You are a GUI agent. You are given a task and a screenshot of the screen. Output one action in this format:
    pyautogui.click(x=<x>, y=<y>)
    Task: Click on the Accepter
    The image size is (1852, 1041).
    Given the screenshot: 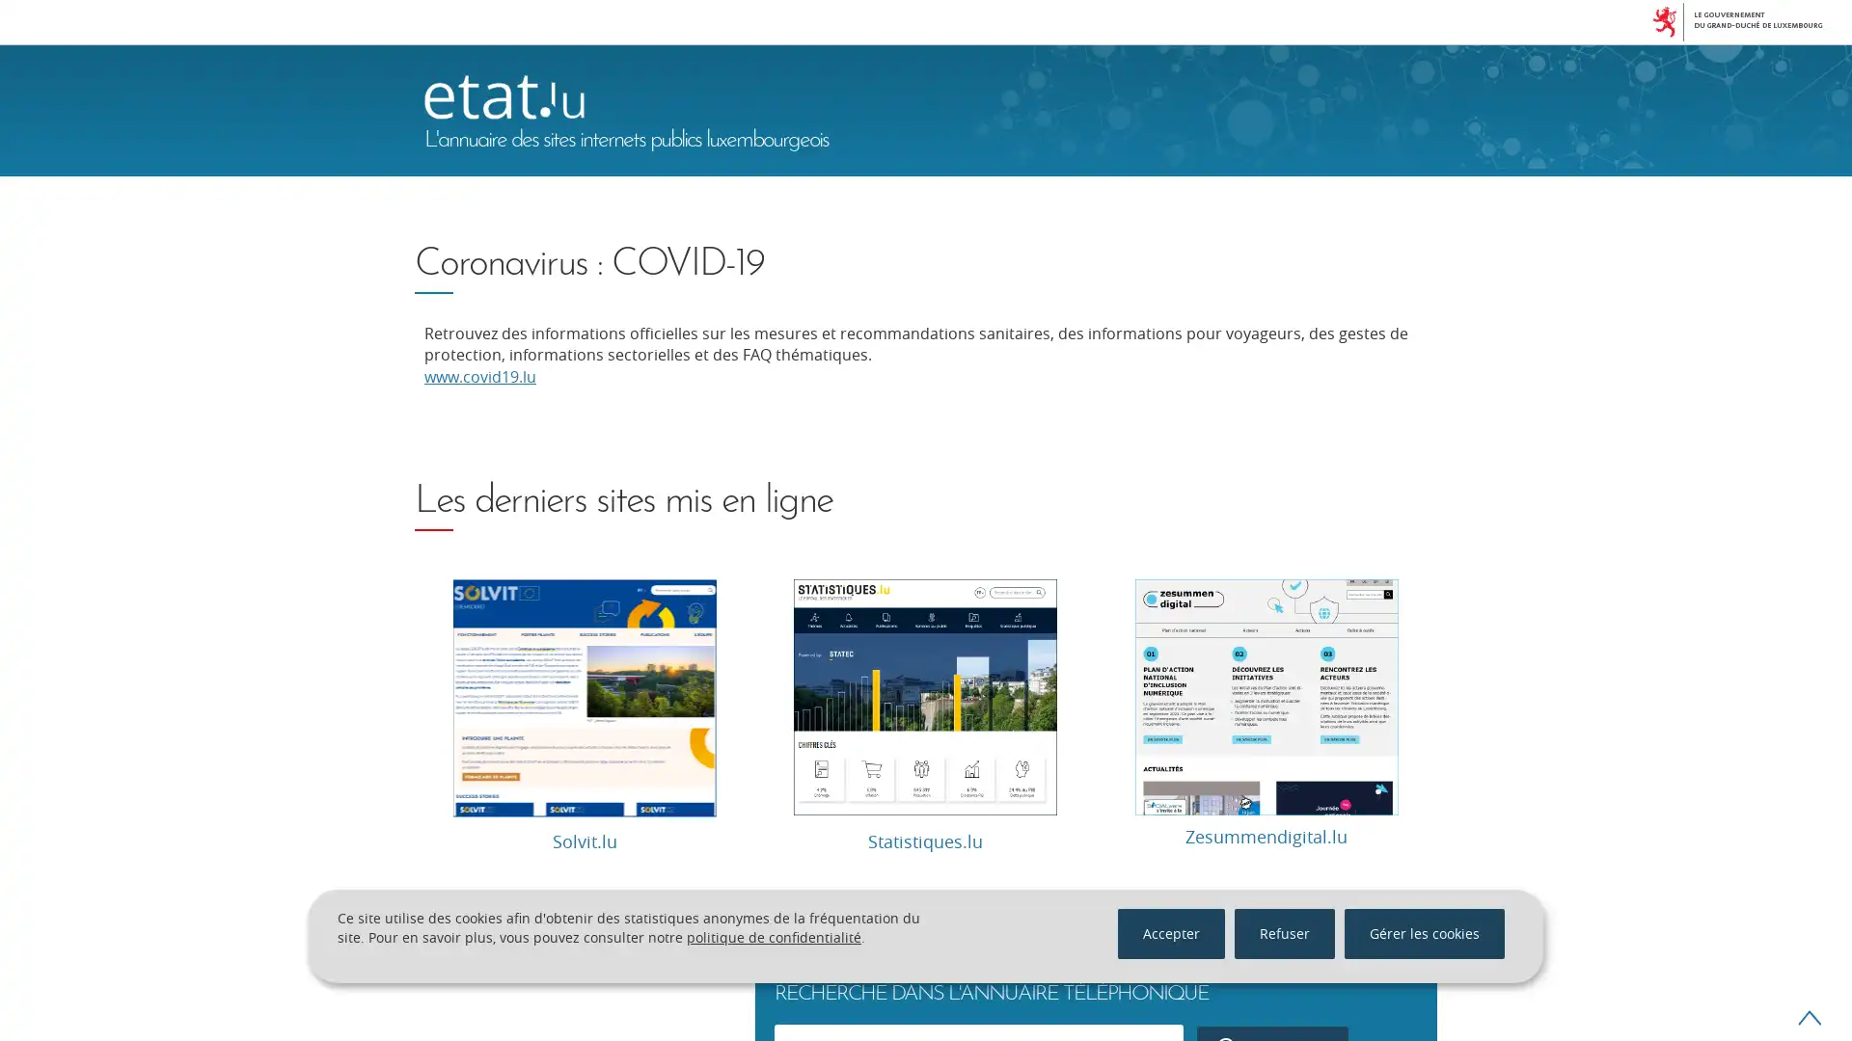 What is the action you would take?
    pyautogui.click(x=1170, y=932)
    